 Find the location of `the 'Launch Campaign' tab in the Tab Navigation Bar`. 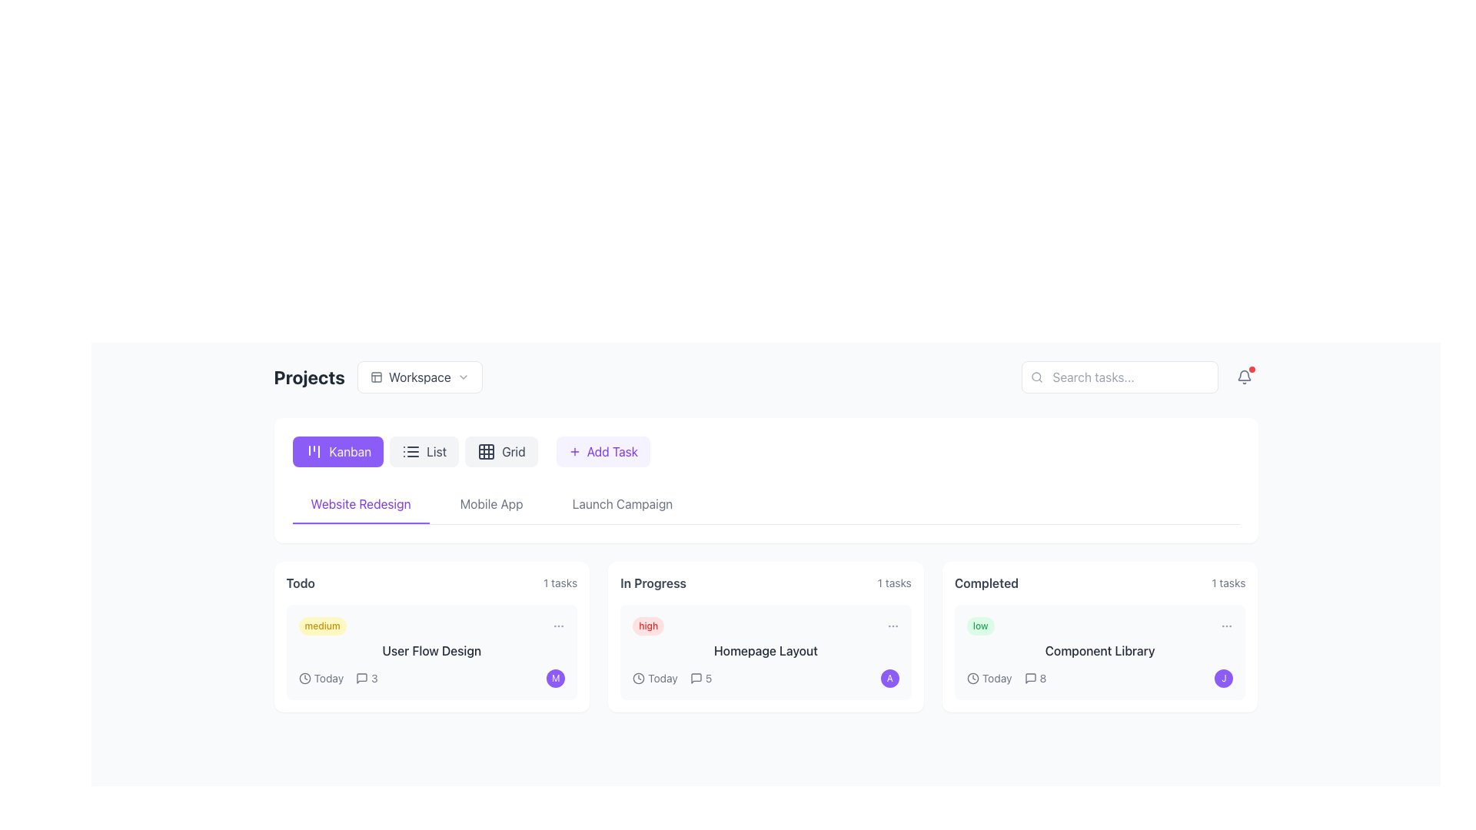

the 'Launch Campaign' tab in the Tab Navigation Bar is located at coordinates (766, 505).